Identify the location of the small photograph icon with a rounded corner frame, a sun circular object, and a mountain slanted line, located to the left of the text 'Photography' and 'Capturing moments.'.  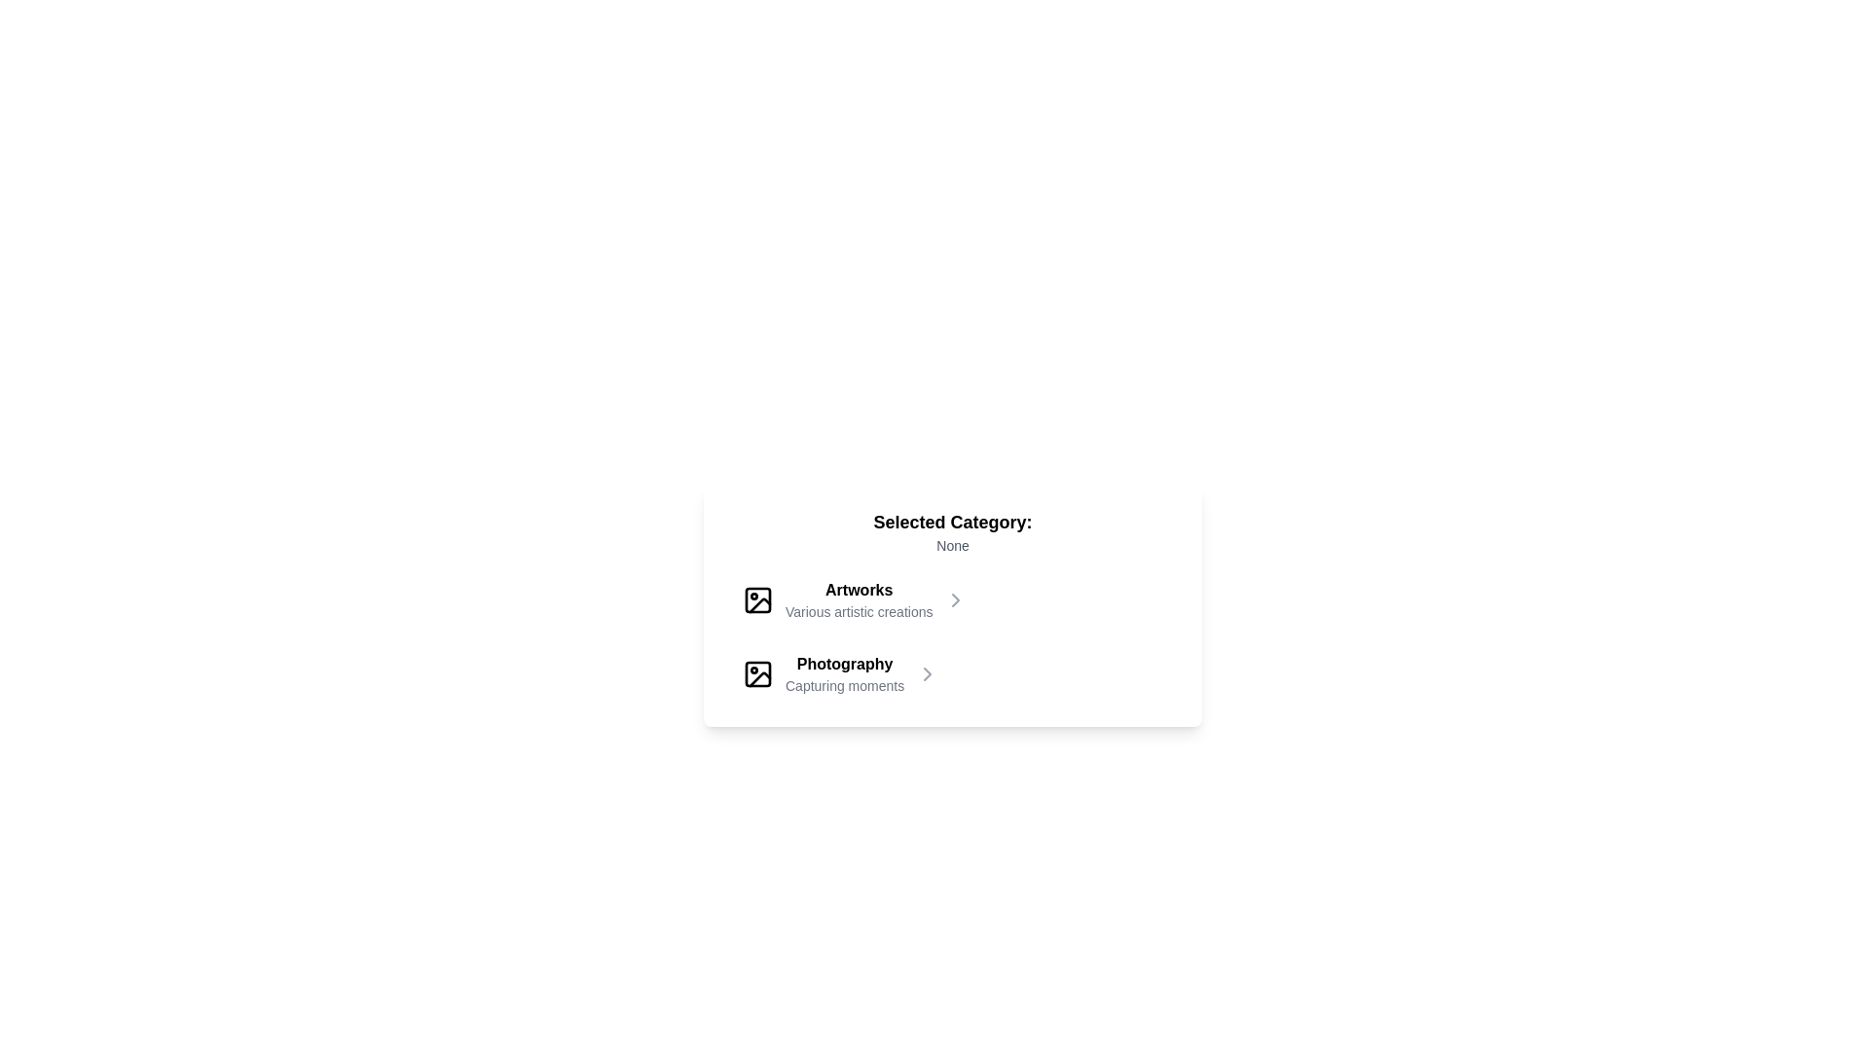
(756, 673).